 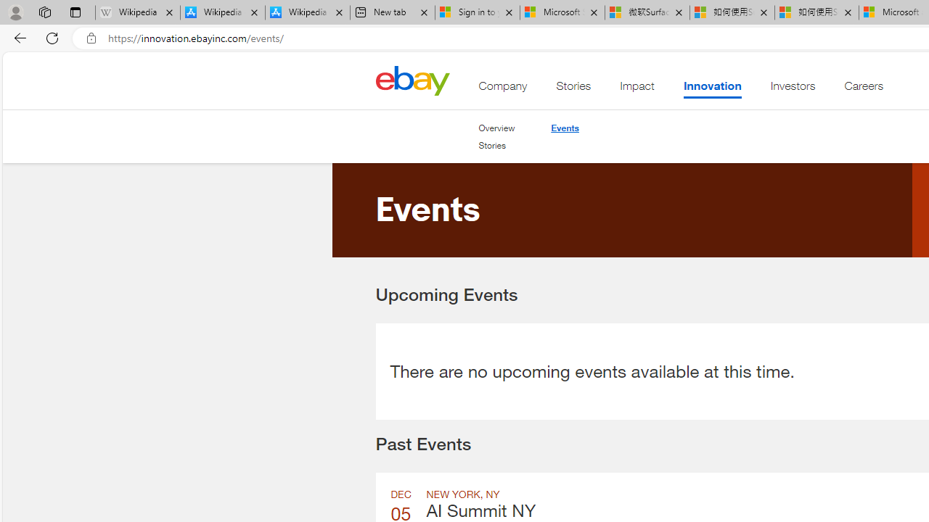 I want to click on 'Company', so click(x=503, y=89).